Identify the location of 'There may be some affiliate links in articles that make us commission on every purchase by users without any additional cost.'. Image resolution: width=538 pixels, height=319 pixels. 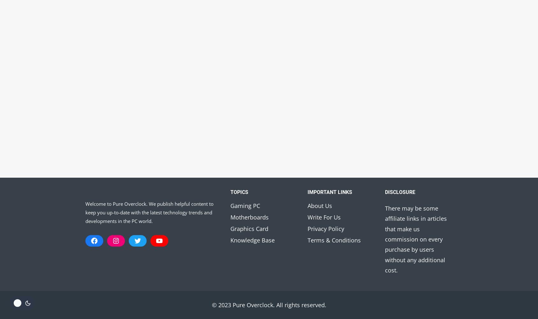
(415, 239).